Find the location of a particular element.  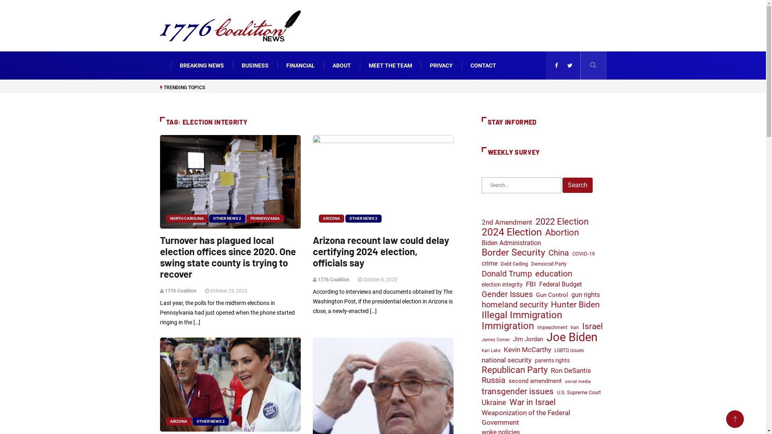

'James Comer' is located at coordinates (495, 340).